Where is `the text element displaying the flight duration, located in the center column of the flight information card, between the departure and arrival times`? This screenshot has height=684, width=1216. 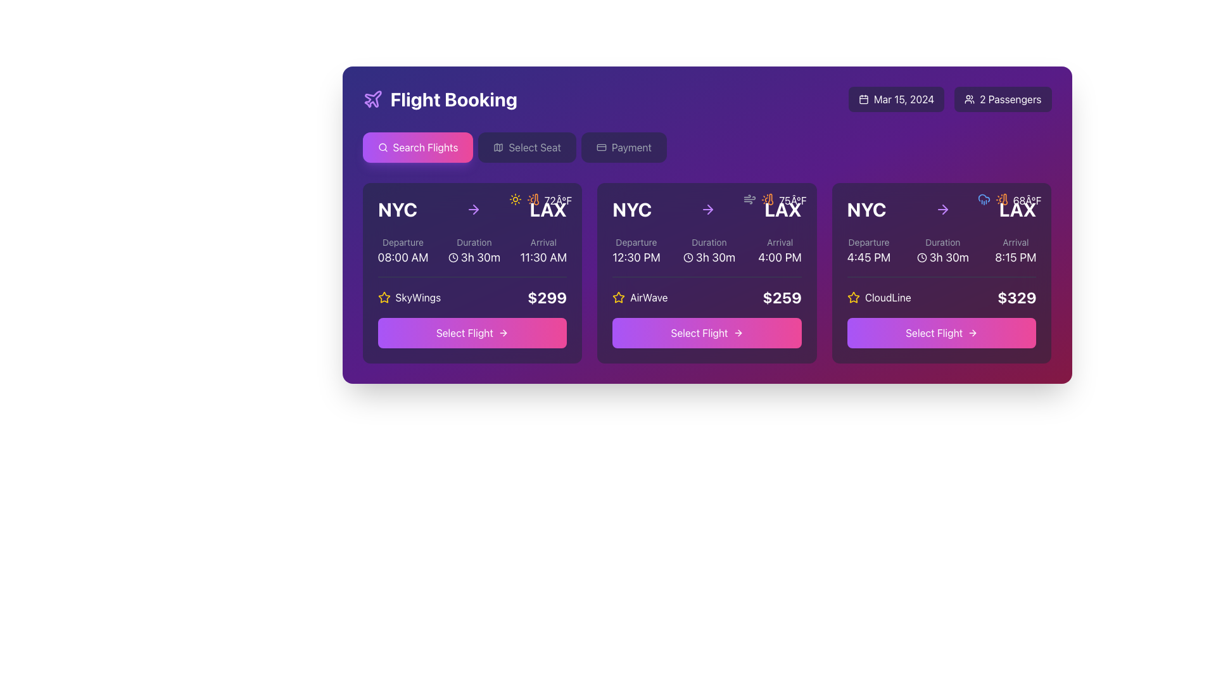
the text element displaying the flight duration, located in the center column of the flight information card, between the departure and arrival times is located at coordinates (708, 251).